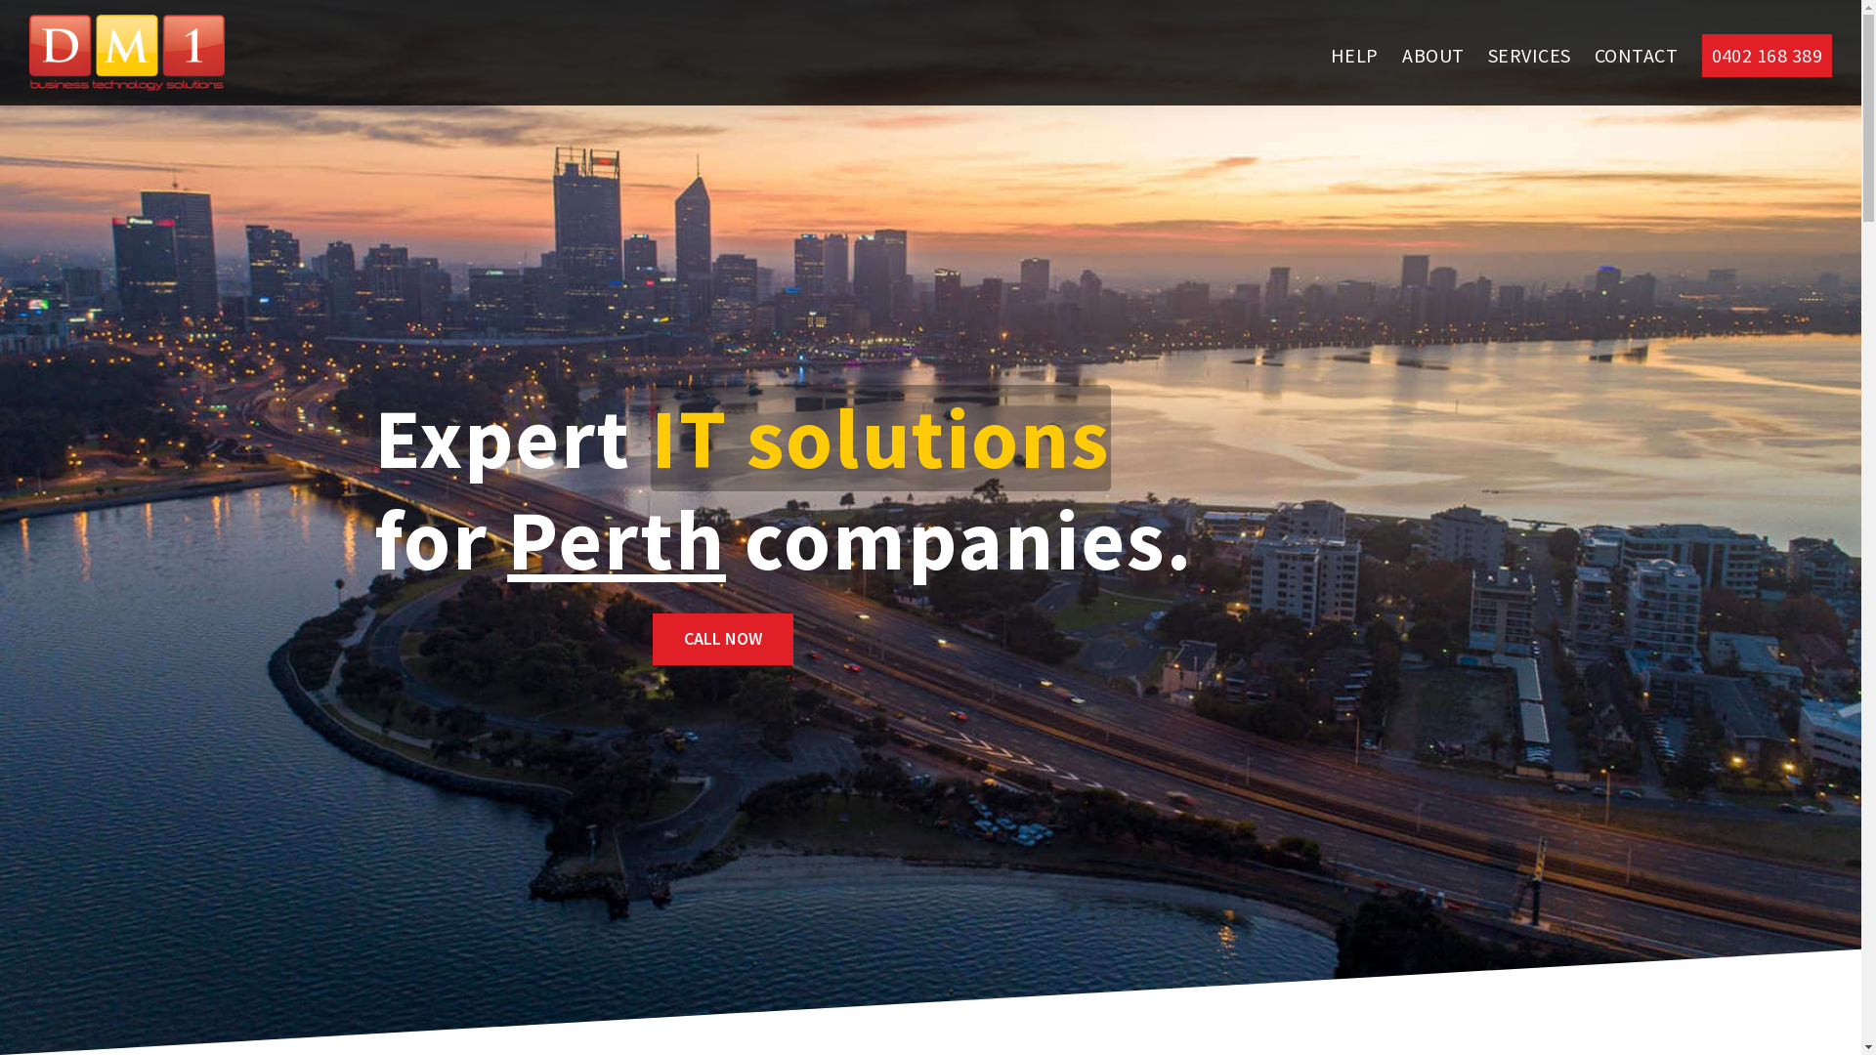 The height and width of the screenshot is (1055, 1876). I want to click on 'CONTACT', so click(1636, 55).